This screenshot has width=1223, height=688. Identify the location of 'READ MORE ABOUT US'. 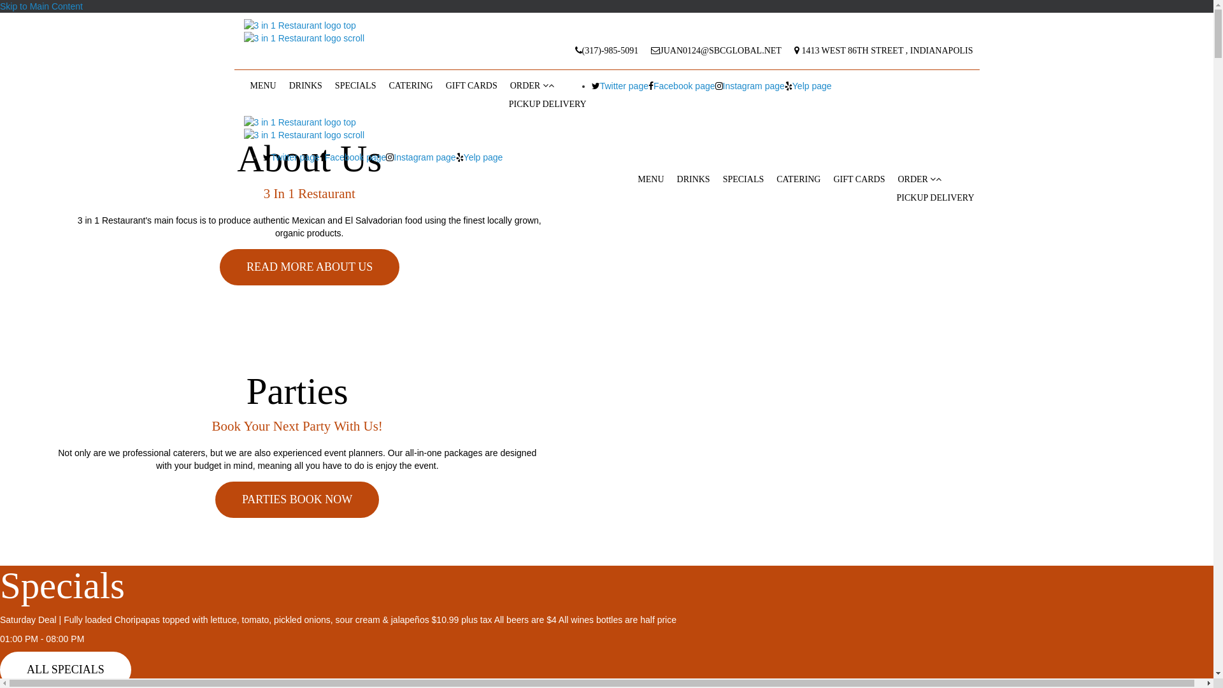
(309, 266).